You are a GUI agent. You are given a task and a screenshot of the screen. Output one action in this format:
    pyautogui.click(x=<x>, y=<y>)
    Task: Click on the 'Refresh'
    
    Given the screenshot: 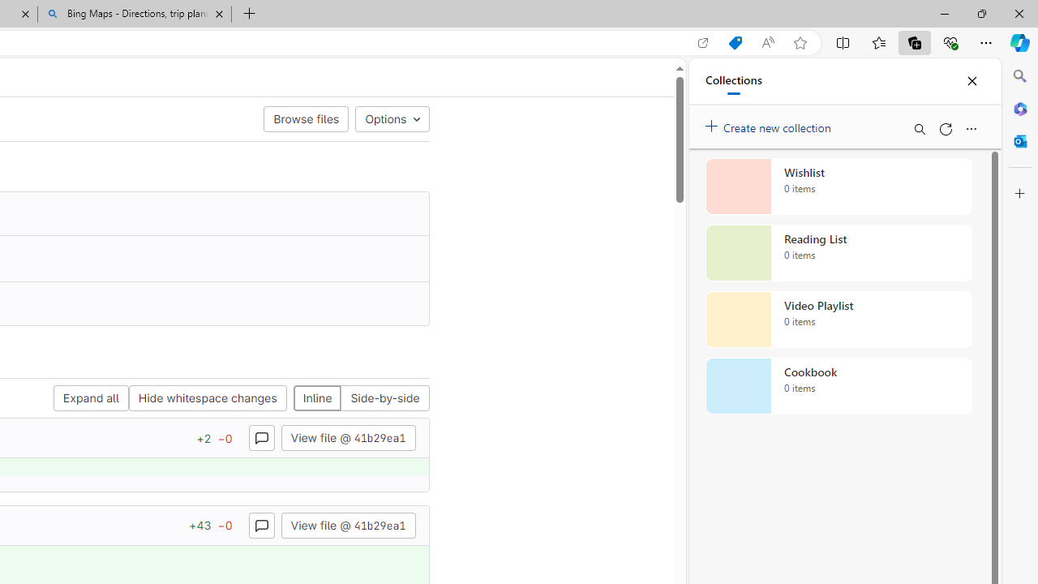 What is the action you would take?
    pyautogui.click(x=945, y=128)
    